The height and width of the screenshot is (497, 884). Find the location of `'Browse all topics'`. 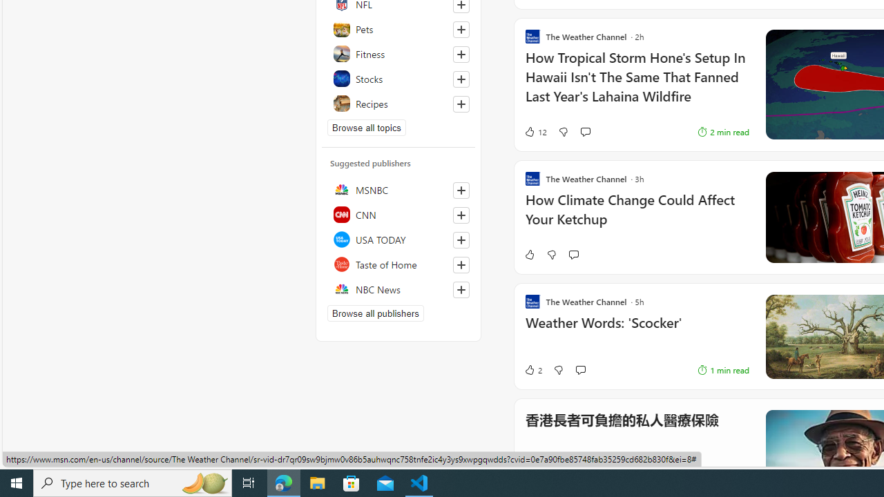

'Browse all topics' is located at coordinates (367, 128).